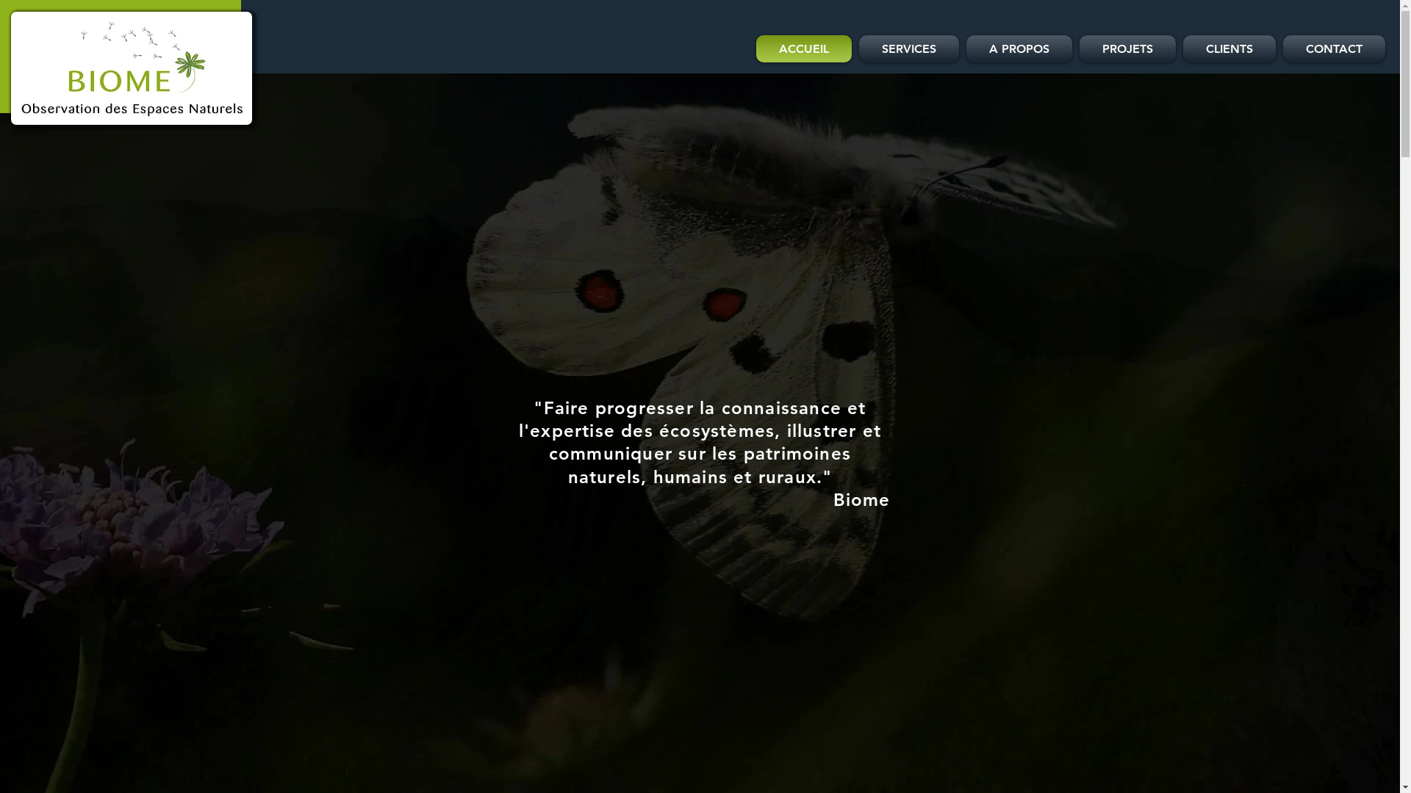  Describe the element at coordinates (1279, 48) in the screenshot. I see `'CONTACT'` at that location.